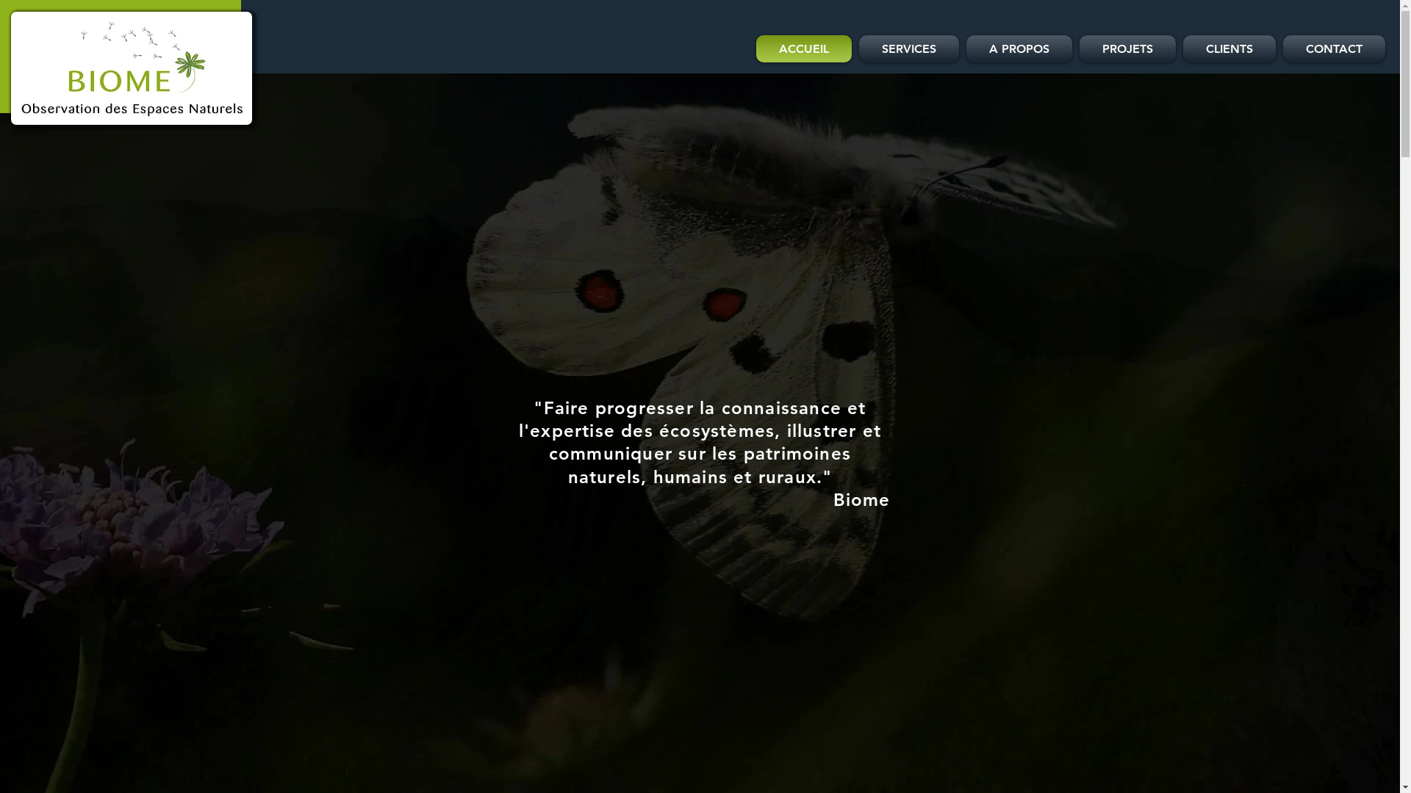  Describe the element at coordinates (1279, 48) in the screenshot. I see `'CONTACT'` at that location.